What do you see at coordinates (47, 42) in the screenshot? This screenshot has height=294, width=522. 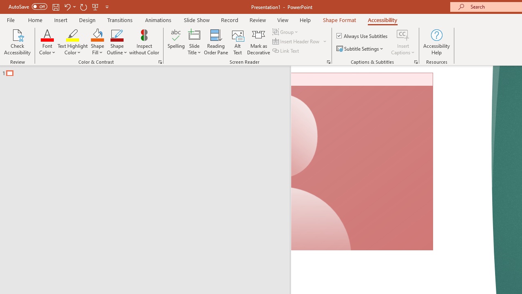 I see `'Font Color'` at bounding box center [47, 42].